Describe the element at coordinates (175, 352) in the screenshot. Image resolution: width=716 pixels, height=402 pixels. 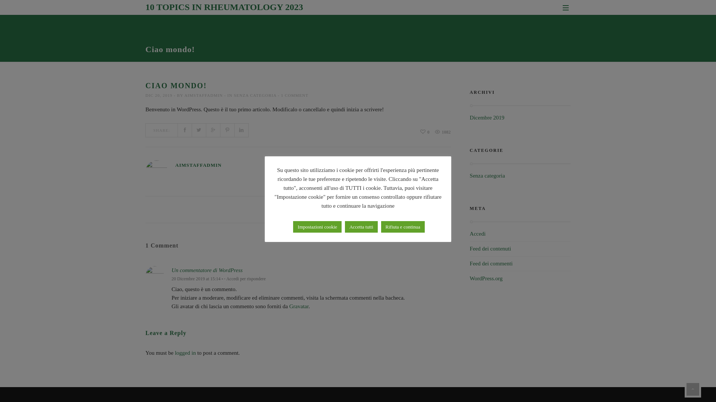
I see `'logged in'` at that location.